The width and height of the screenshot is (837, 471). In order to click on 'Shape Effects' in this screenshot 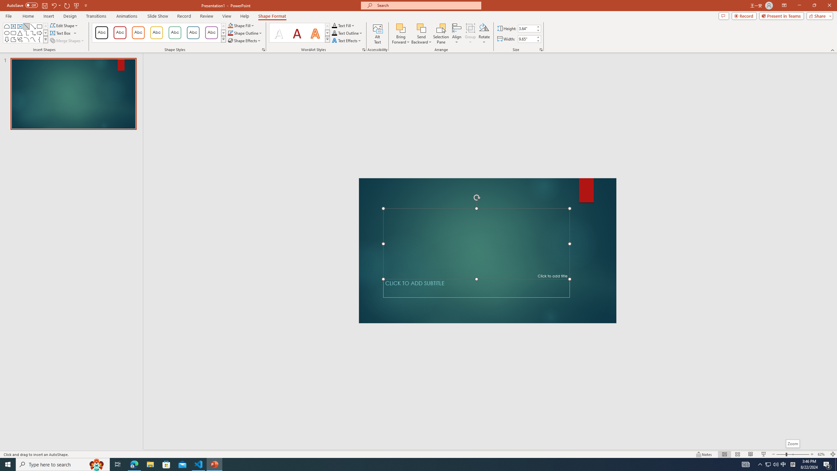, I will do `click(244, 40)`.